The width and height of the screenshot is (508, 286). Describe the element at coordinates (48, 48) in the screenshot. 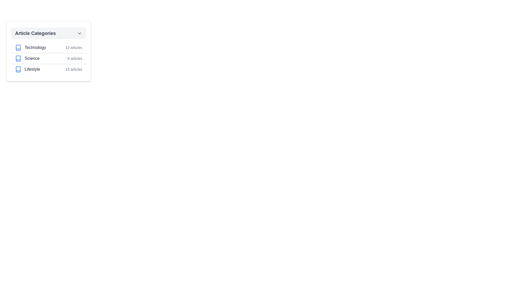

I see `the 'Technology' category list item, which is the first entry in the vertical list of article categories` at that location.